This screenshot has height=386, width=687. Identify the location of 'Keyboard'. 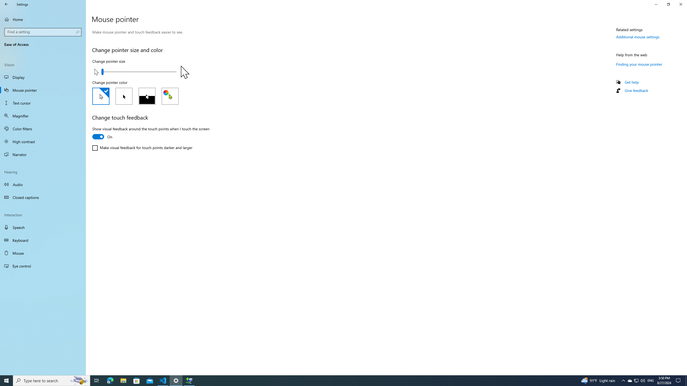
(43, 240).